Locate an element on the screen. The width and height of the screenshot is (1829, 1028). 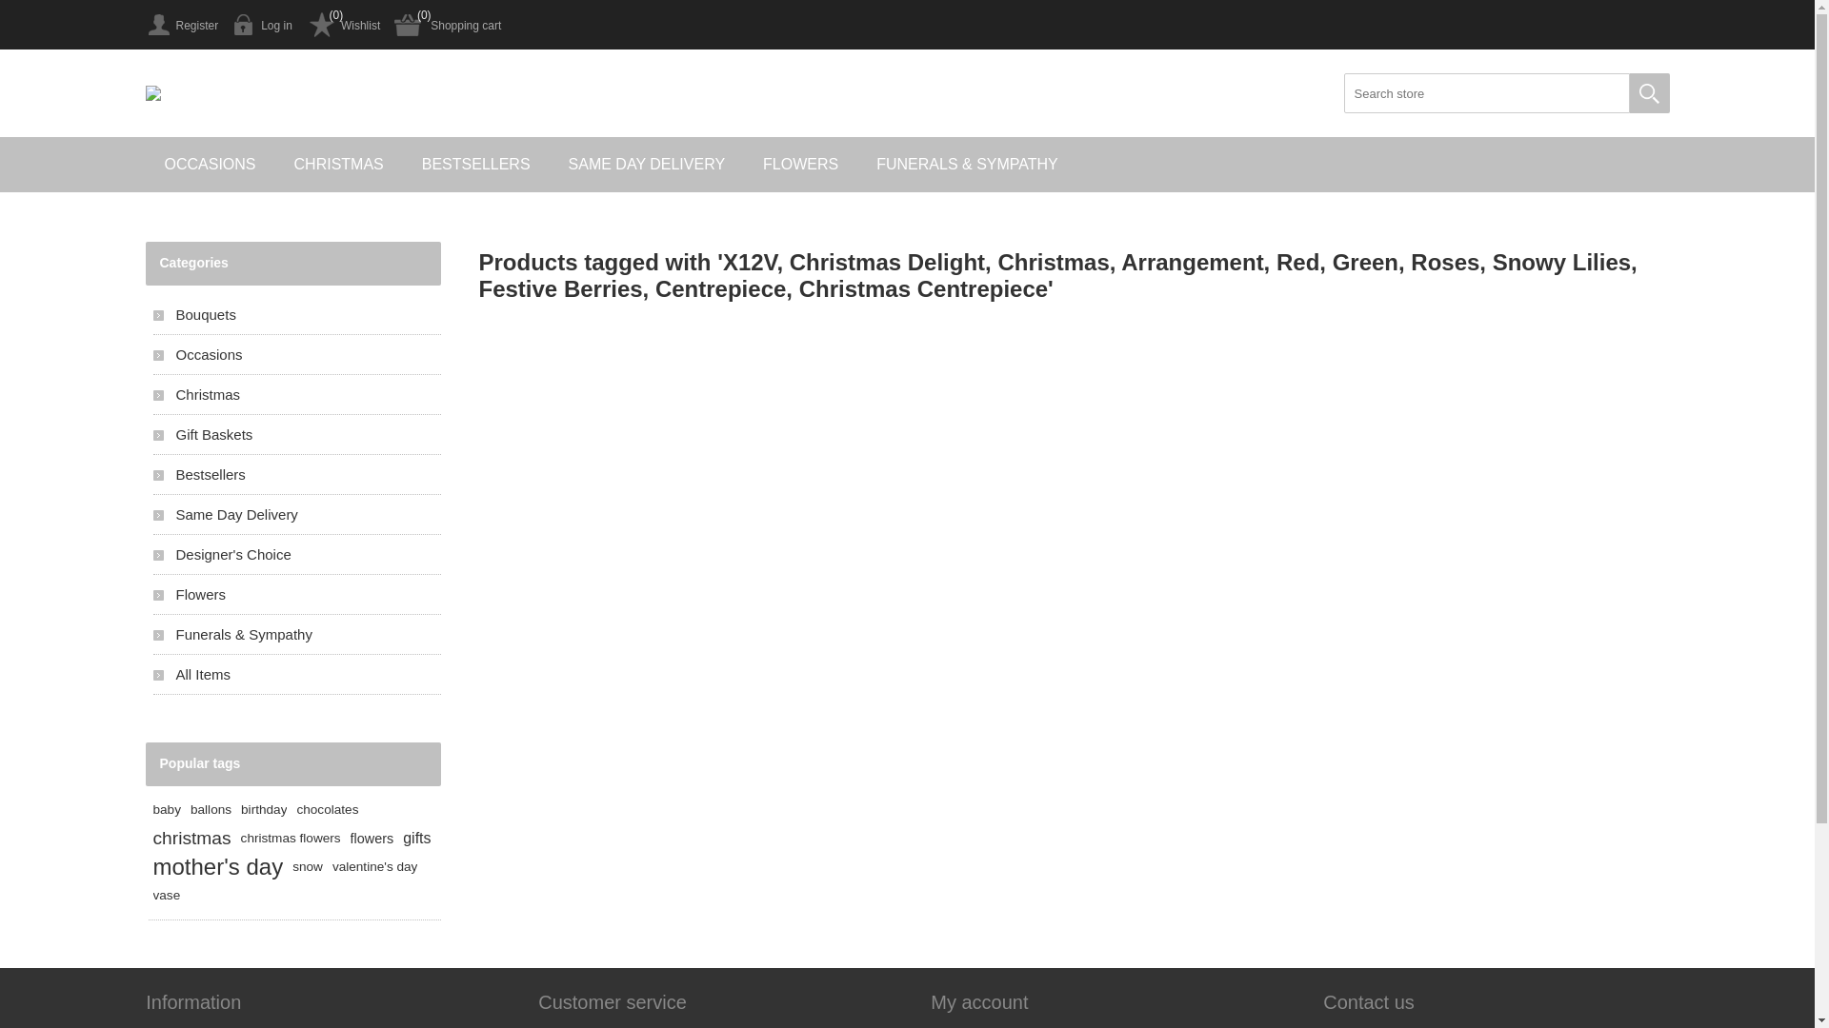
'chocolates' is located at coordinates (327, 810).